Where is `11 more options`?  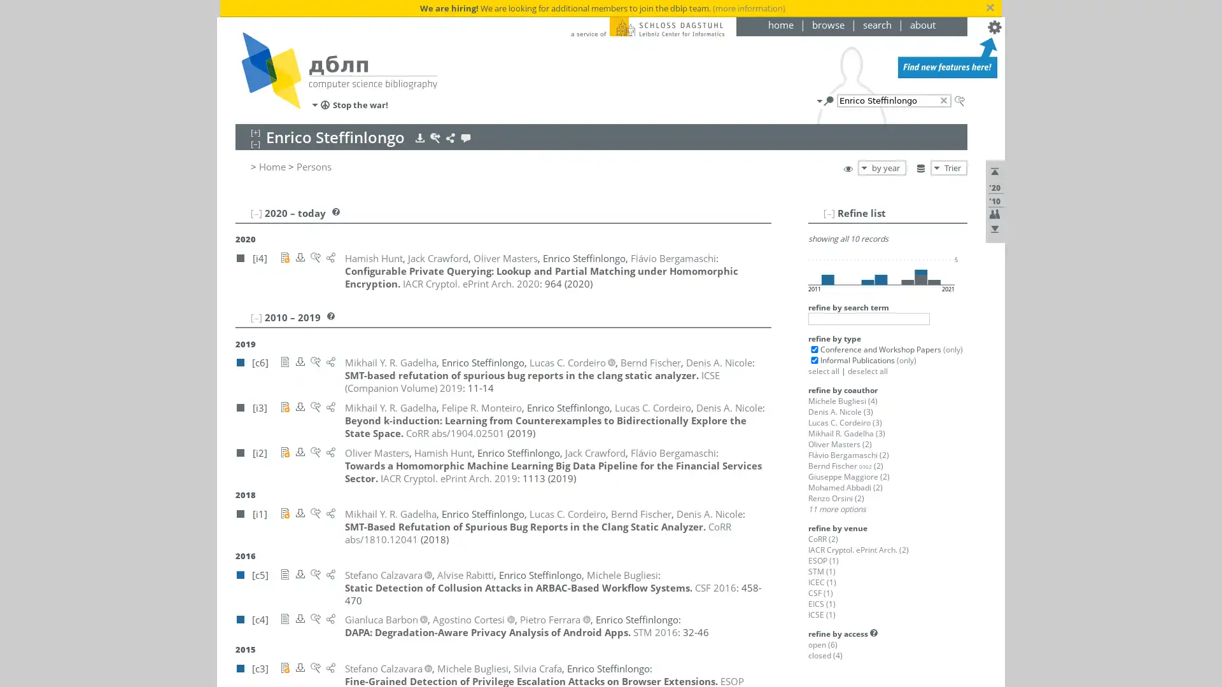
11 more options is located at coordinates (837, 508).